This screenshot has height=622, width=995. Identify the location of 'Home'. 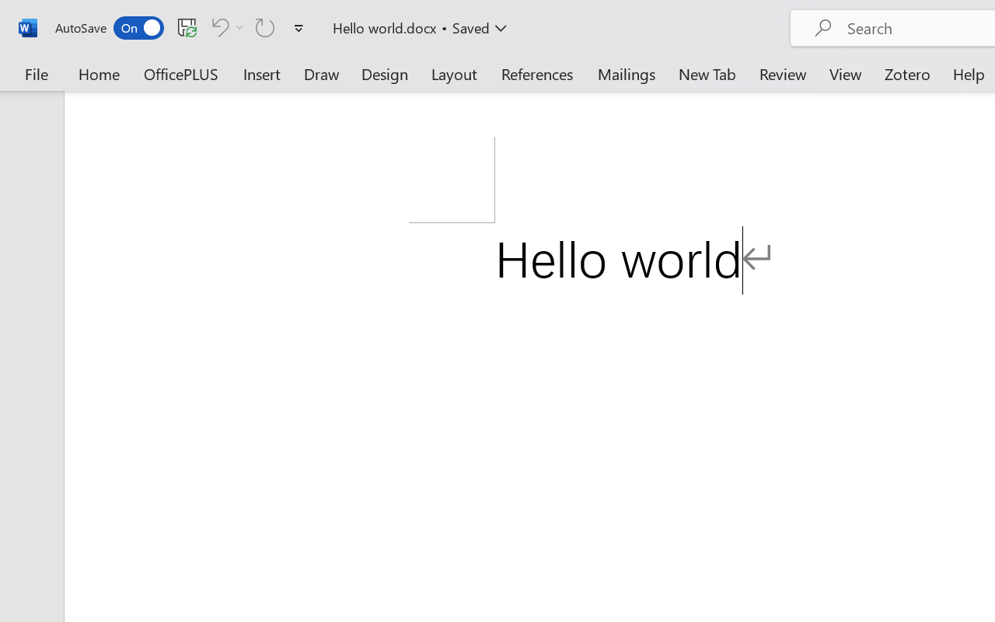
(99, 73).